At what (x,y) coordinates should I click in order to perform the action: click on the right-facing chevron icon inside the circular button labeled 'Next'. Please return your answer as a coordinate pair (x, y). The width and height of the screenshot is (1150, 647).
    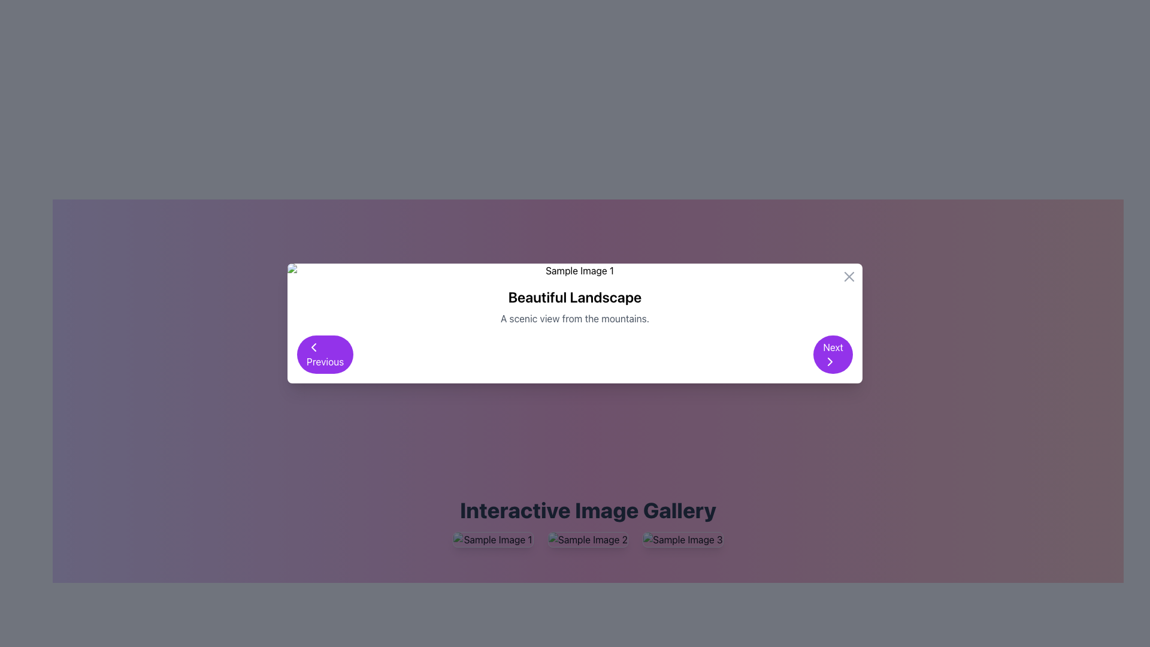
    Looking at the image, I should click on (830, 361).